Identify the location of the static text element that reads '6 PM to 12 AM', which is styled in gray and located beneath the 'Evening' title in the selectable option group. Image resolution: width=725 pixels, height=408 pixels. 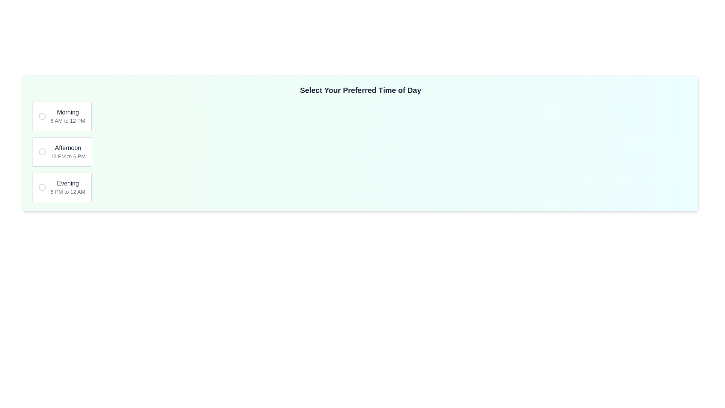
(68, 192).